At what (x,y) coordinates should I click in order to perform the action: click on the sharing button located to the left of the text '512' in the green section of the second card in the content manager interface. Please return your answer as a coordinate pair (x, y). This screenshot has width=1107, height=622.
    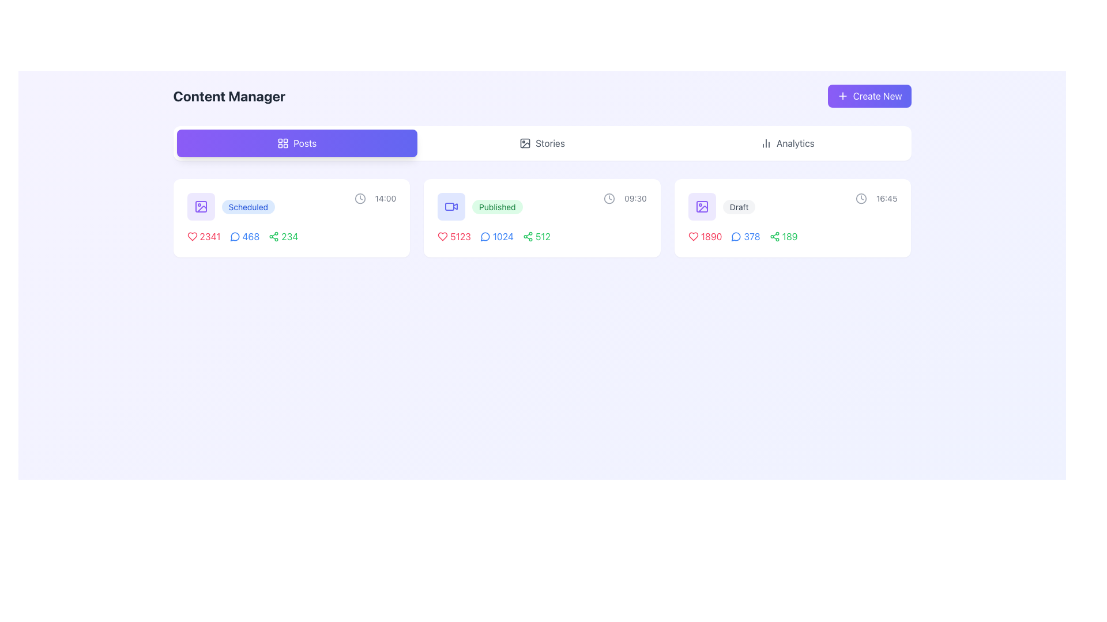
    Looking at the image, I should click on (527, 236).